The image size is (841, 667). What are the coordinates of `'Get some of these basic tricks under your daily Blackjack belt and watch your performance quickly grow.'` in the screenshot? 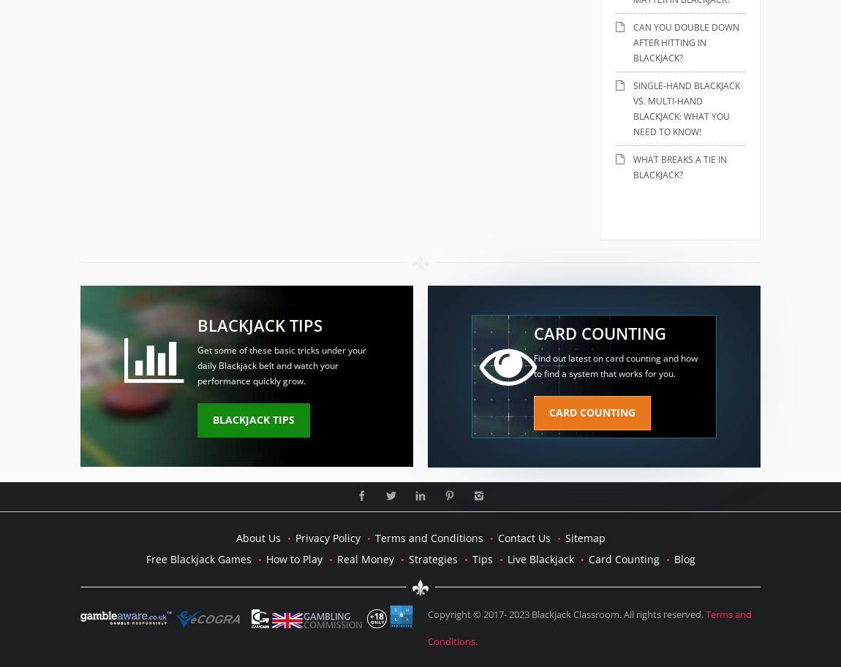 It's located at (282, 365).